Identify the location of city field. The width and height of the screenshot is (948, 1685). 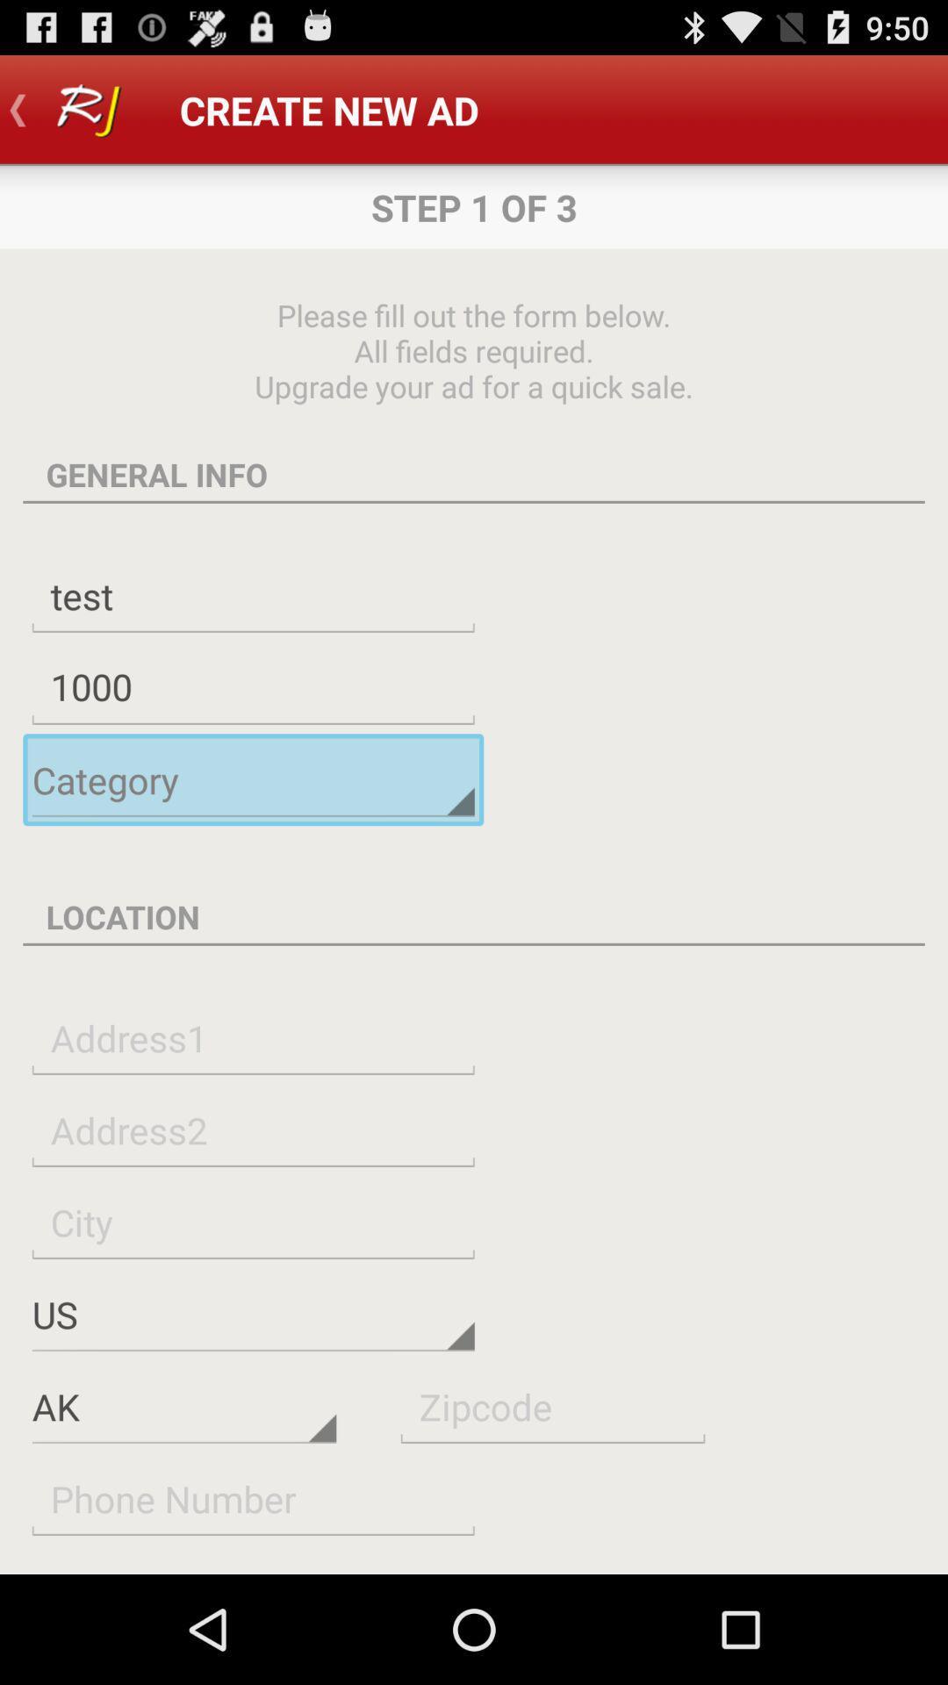
(253, 1221).